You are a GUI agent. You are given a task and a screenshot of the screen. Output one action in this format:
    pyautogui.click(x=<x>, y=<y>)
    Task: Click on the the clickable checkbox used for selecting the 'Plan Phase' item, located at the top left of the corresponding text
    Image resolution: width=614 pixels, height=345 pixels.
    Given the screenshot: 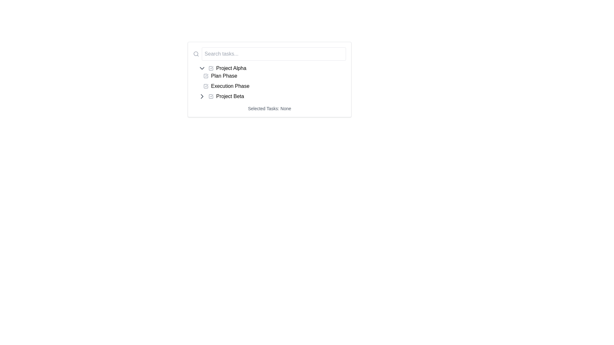 What is the action you would take?
    pyautogui.click(x=206, y=76)
    